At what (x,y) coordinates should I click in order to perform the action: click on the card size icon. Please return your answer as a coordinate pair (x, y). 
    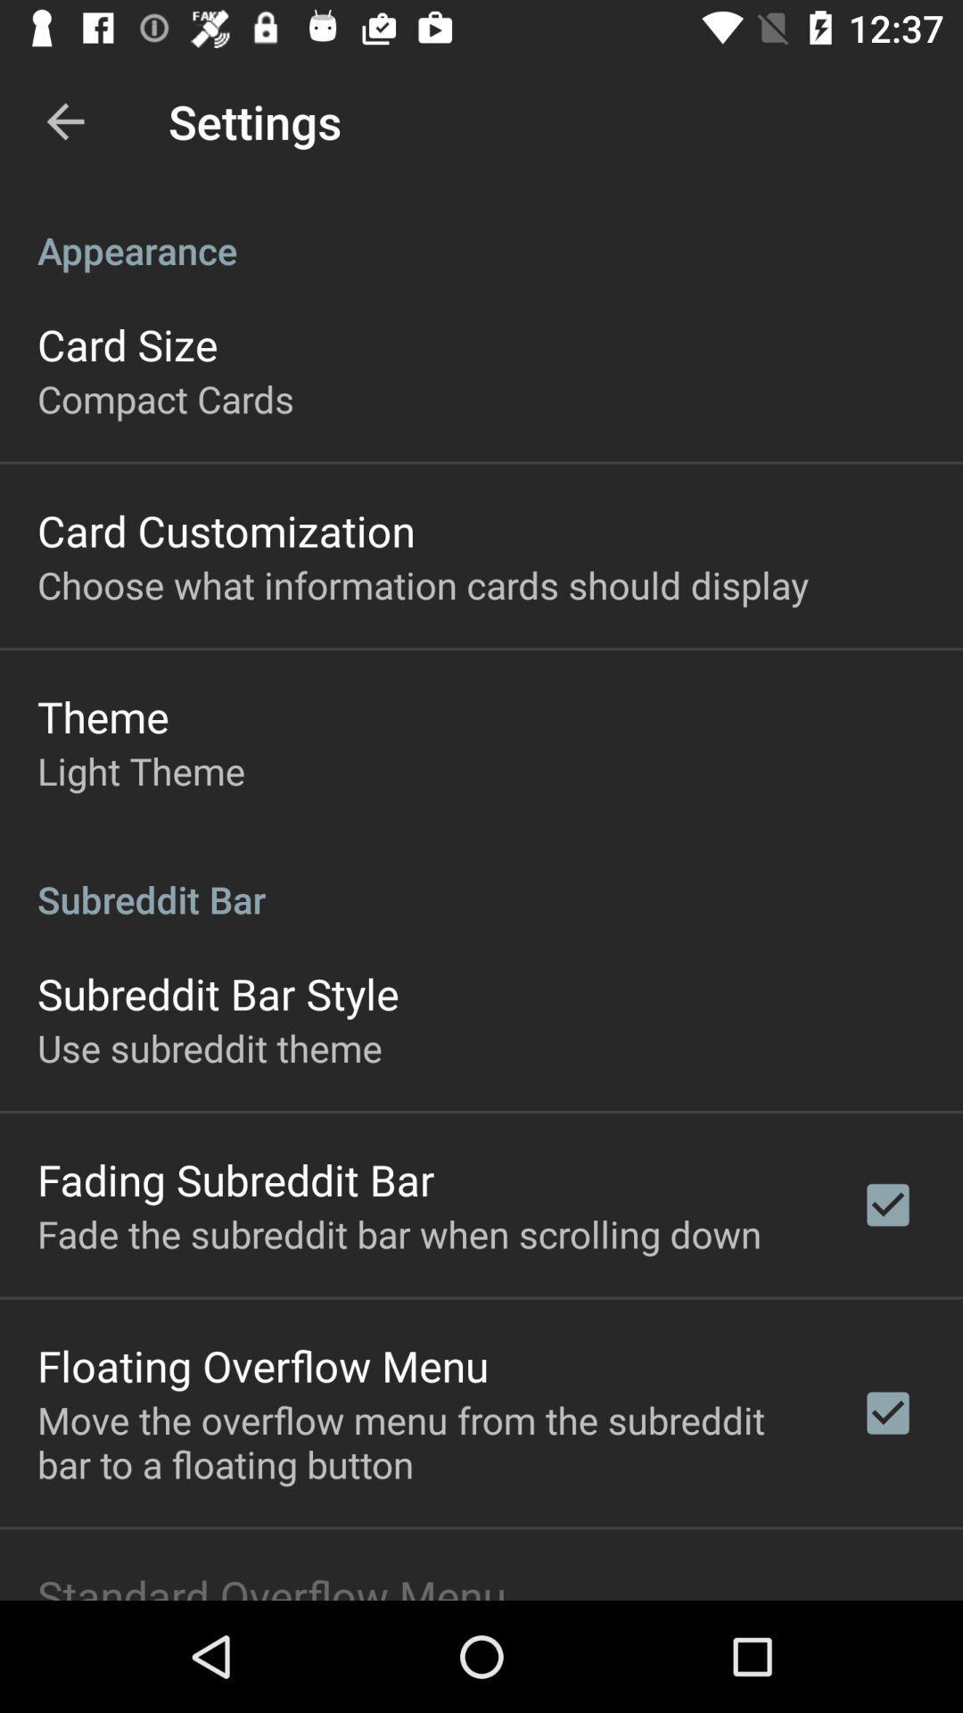
    Looking at the image, I should click on (127, 344).